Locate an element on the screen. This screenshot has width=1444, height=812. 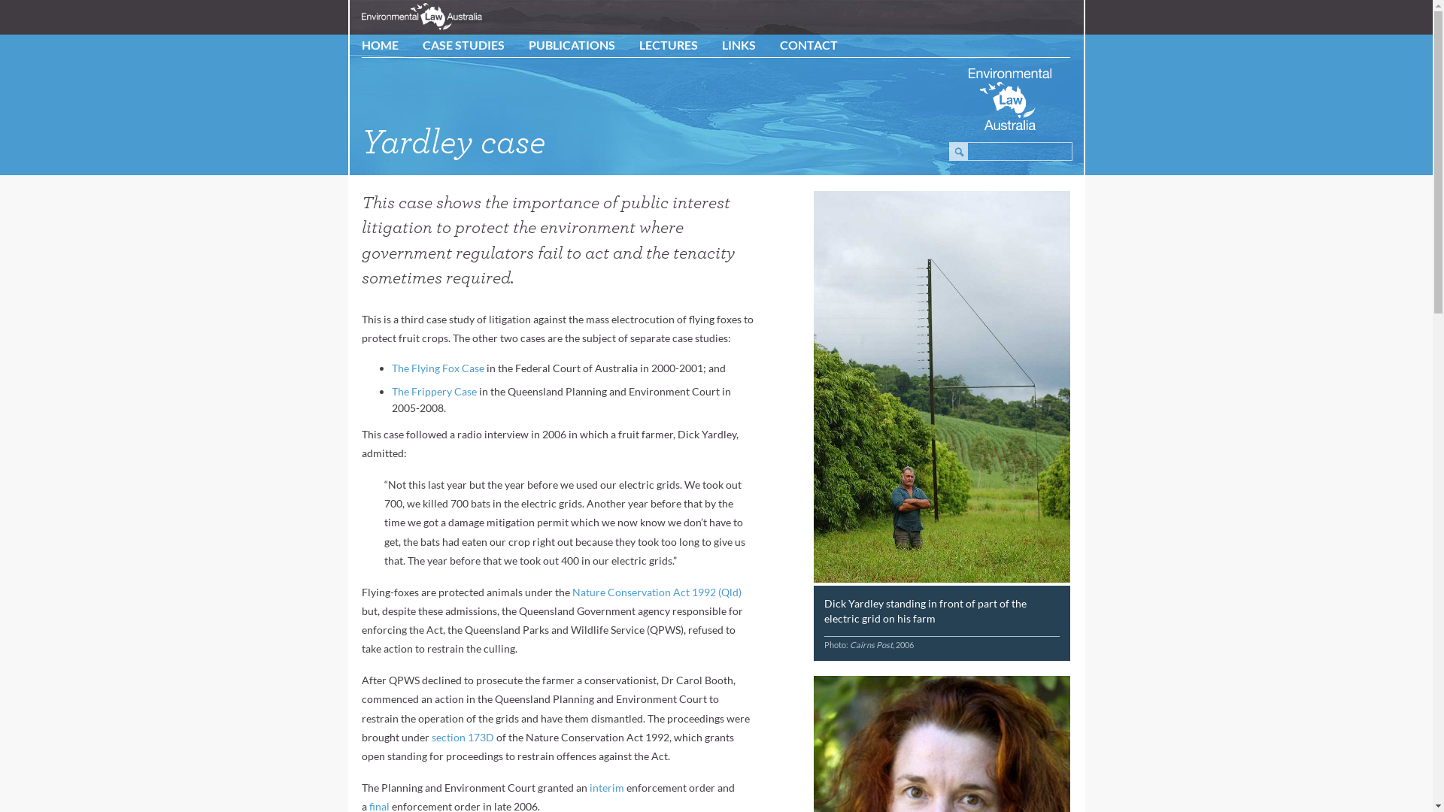
'Nature Conservation Act ' is located at coordinates (632, 591).